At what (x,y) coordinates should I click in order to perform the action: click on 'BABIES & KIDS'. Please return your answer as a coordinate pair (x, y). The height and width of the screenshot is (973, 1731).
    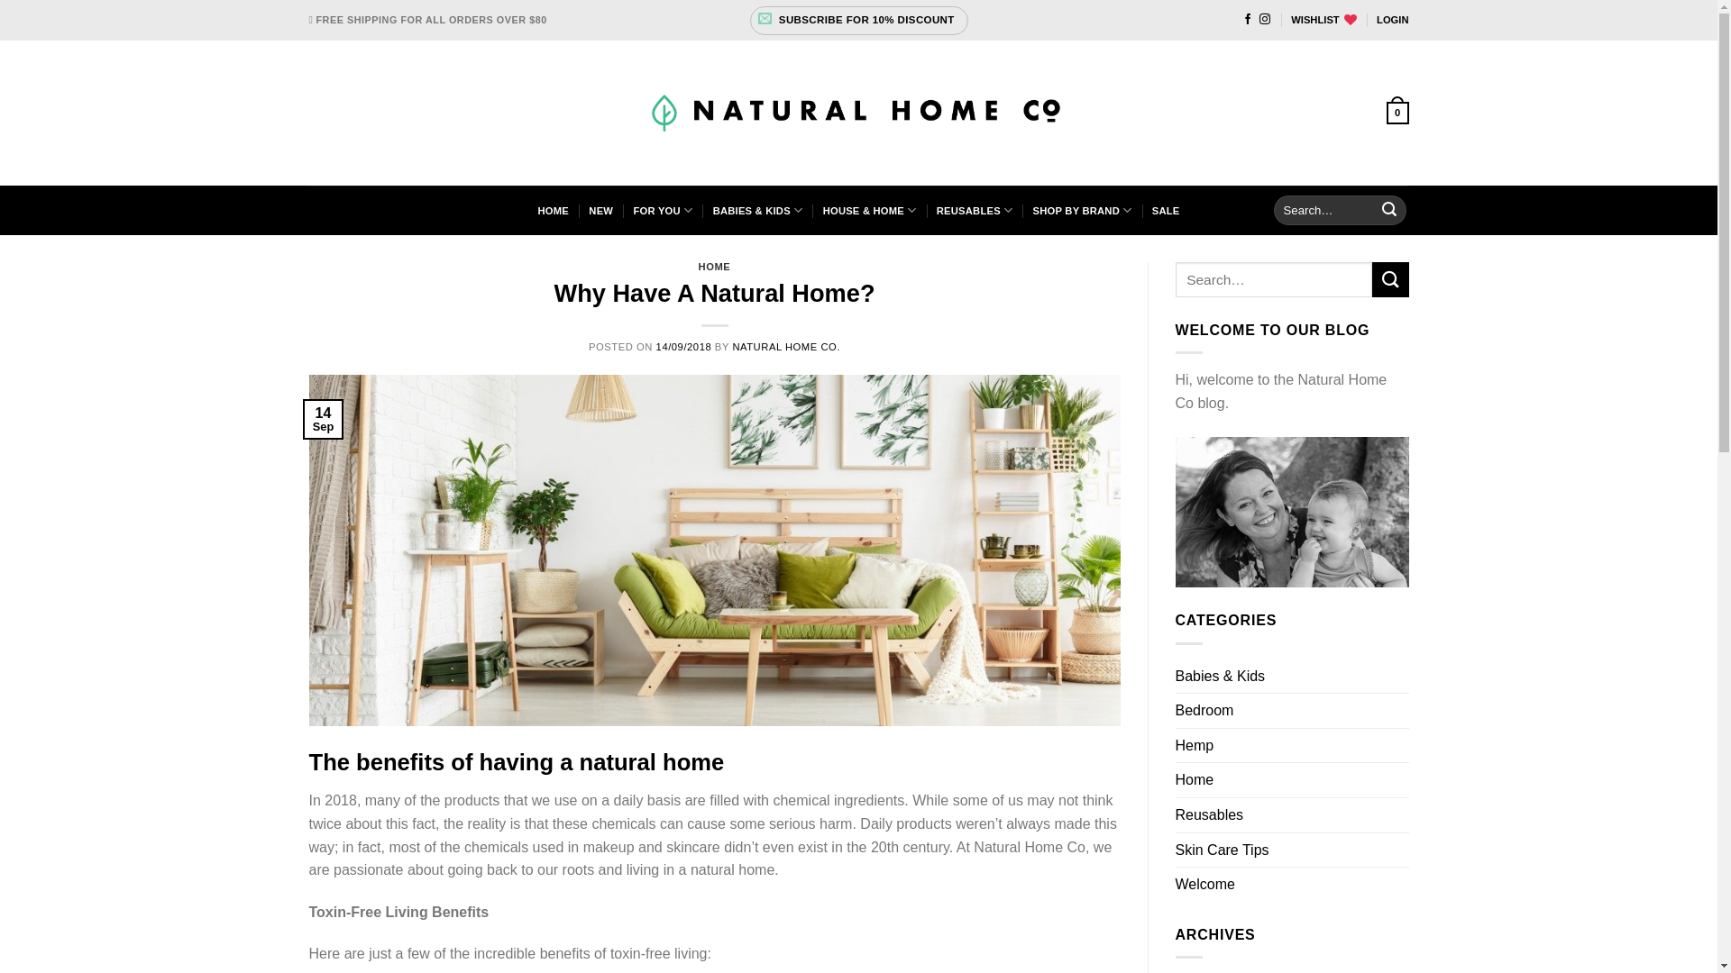
    Looking at the image, I should click on (757, 209).